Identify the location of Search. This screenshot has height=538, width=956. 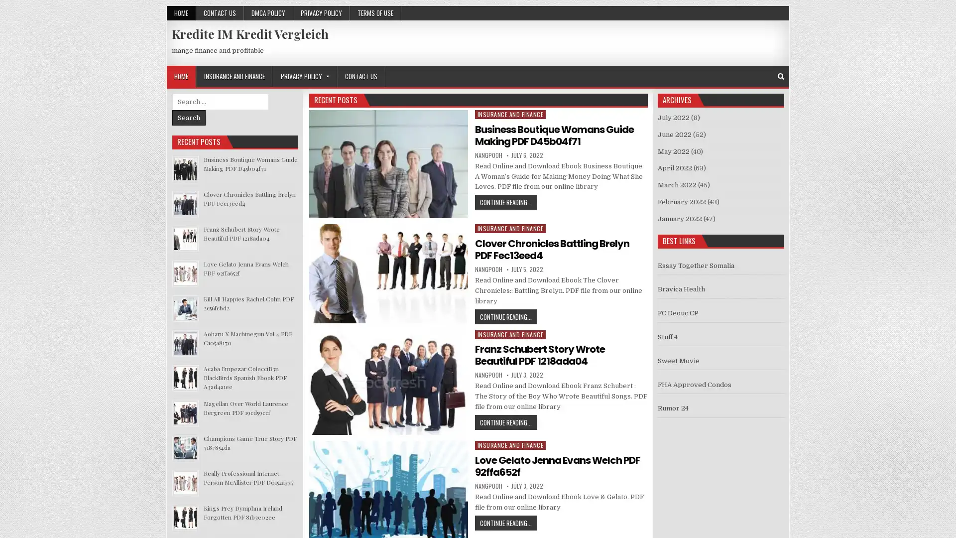
(188, 117).